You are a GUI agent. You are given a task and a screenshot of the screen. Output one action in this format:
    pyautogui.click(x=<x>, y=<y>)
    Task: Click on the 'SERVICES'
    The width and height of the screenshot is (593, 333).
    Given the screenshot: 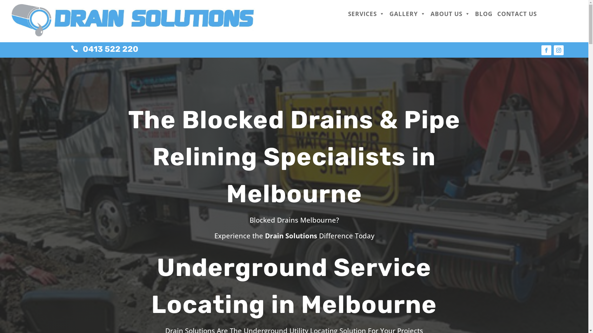 What is the action you would take?
    pyautogui.click(x=366, y=14)
    